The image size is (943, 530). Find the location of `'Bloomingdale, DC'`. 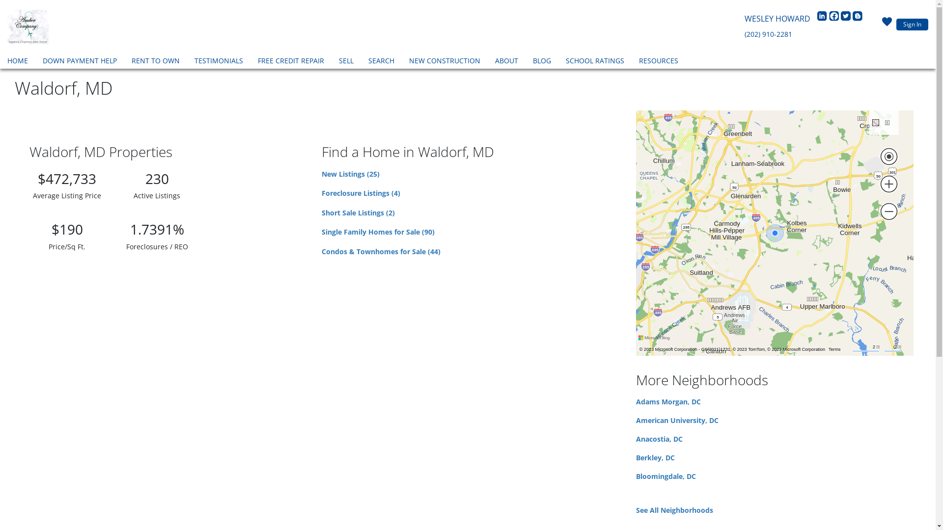

'Bloomingdale, DC' is located at coordinates (666, 476).